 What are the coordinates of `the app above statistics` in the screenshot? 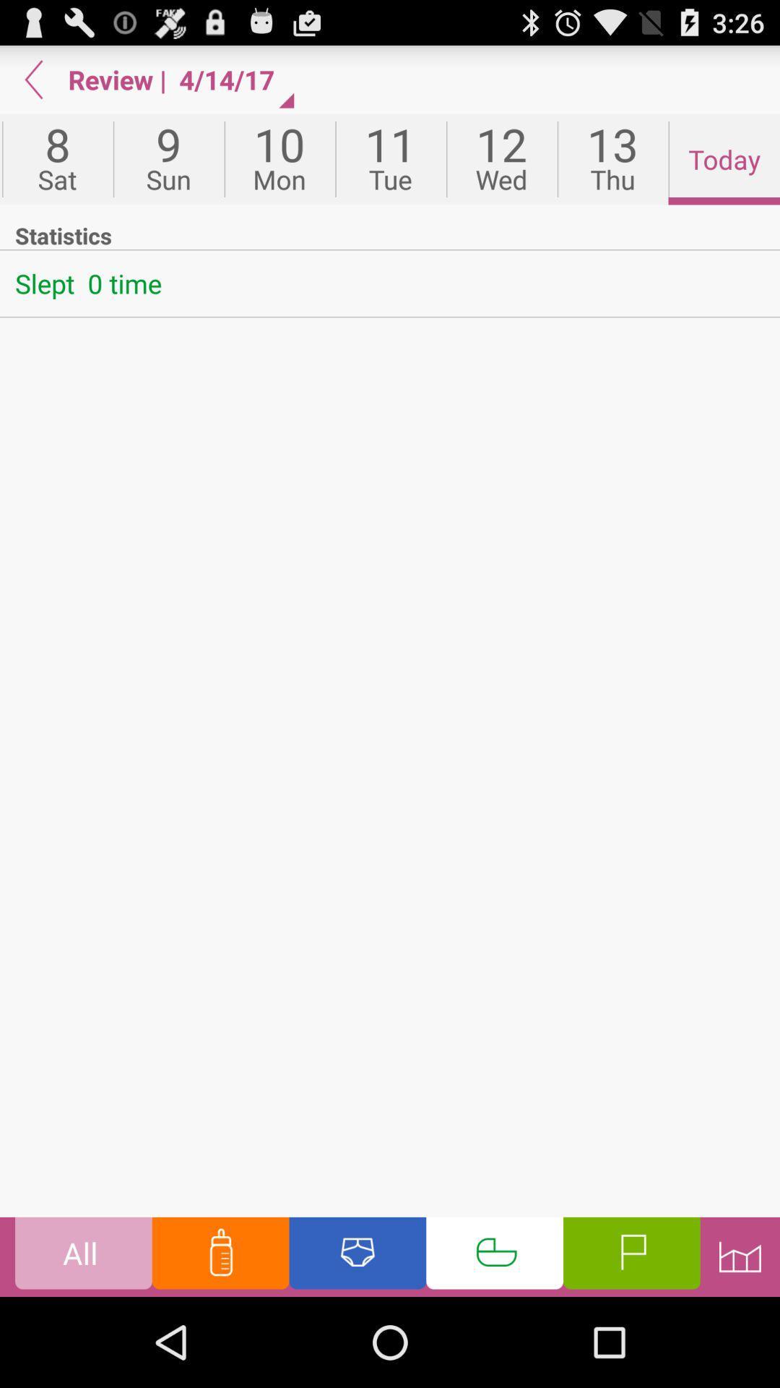 It's located at (612, 159).